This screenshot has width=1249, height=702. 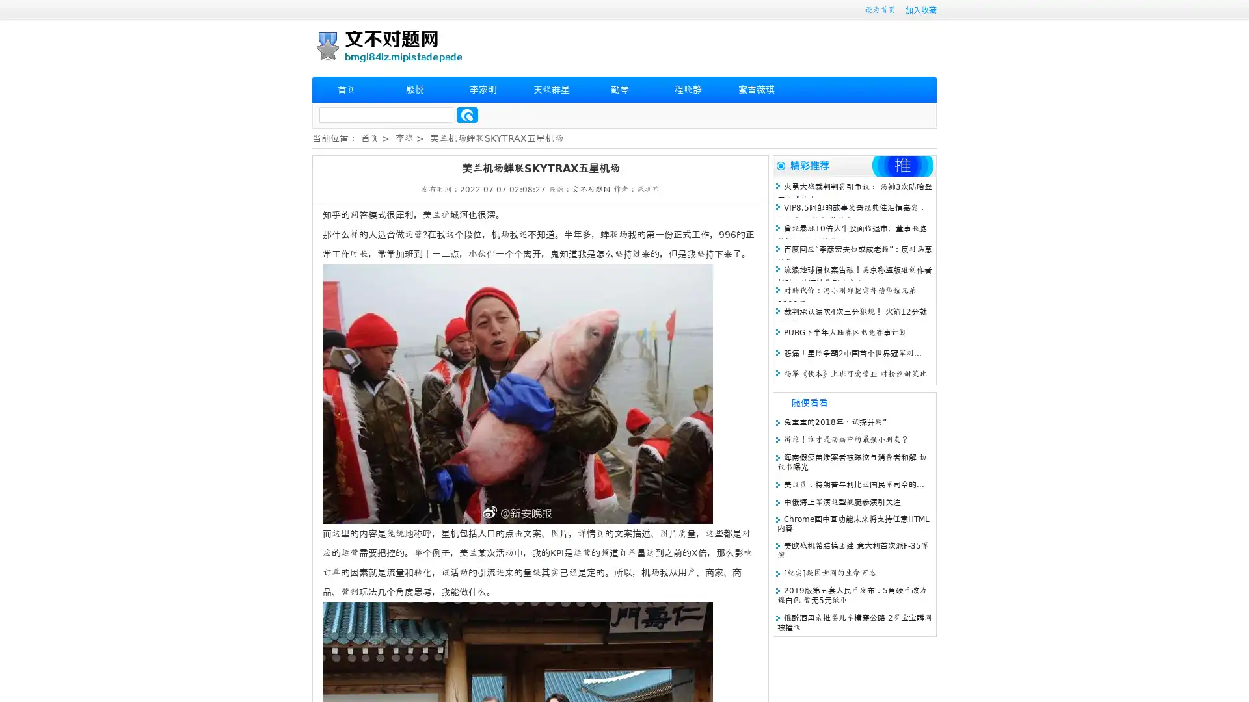 What do you see at coordinates (467, 114) in the screenshot?
I see `Search` at bounding box center [467, 114].